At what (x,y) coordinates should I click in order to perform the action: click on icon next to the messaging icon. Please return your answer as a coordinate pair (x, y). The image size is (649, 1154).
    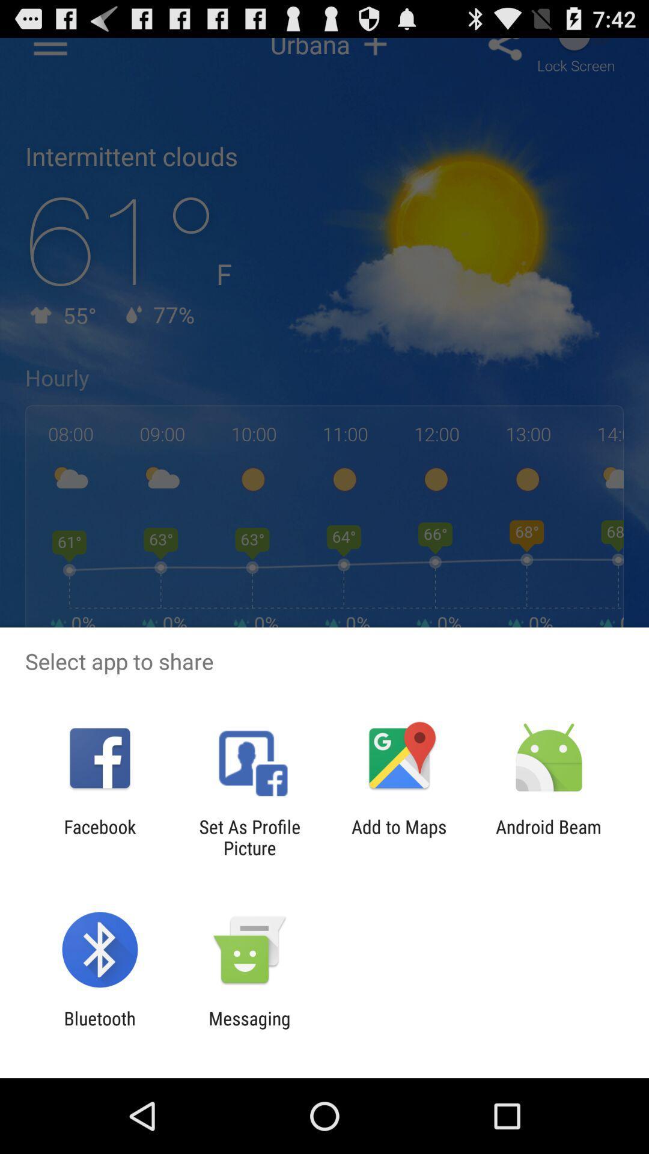
    Looking at the image, I should click on (99, 1028).